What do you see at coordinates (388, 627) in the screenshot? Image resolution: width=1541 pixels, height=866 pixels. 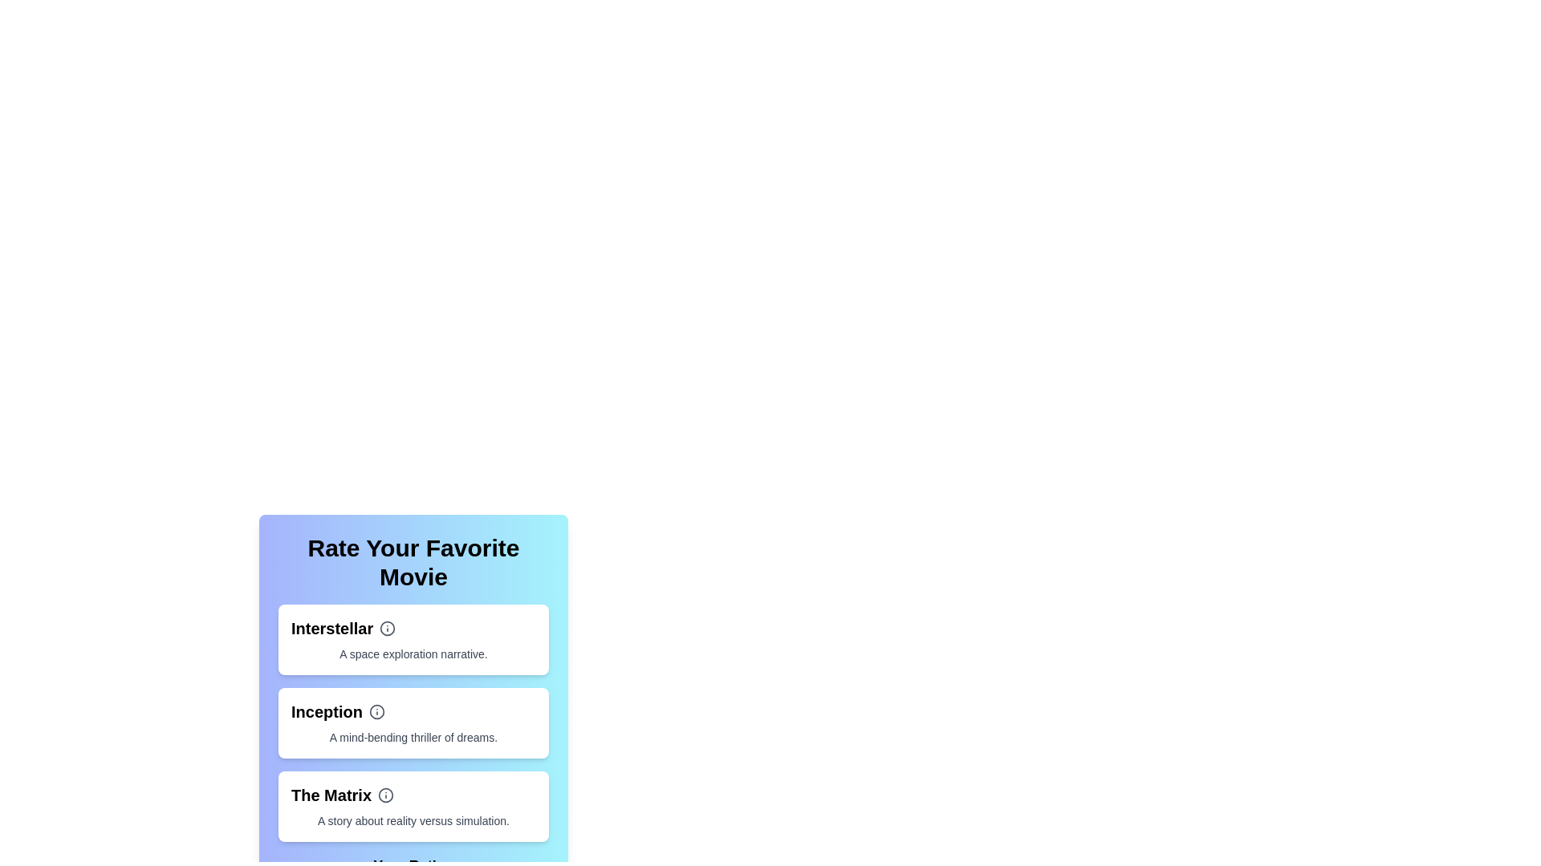 I see `the outer boundary circle of the 'info' icon associated with the 'Interstellar' movie` at bounding box center [388, 627].